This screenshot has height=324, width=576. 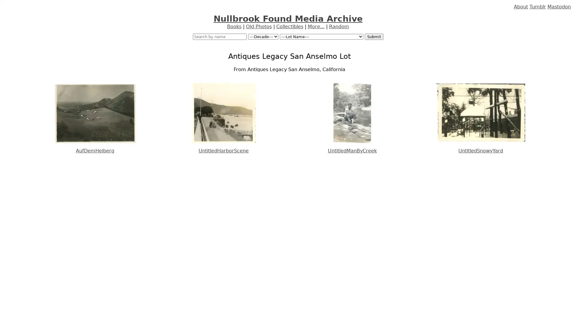 What do you see at coordinates (373, 37) in the screenshot?
I see `Submit` at bounding box center [373, 37].